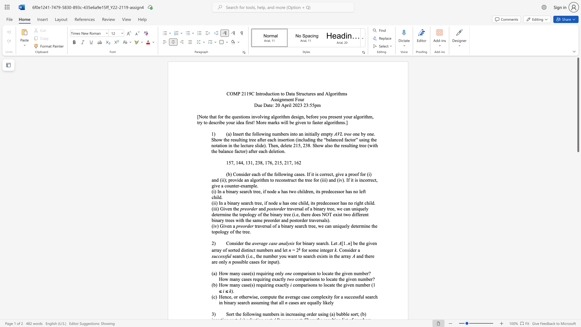 The height and width of the screenshot is (327, 581). I want to click on the subset text "re ar" within the text "and there are only", so click(370, 256).